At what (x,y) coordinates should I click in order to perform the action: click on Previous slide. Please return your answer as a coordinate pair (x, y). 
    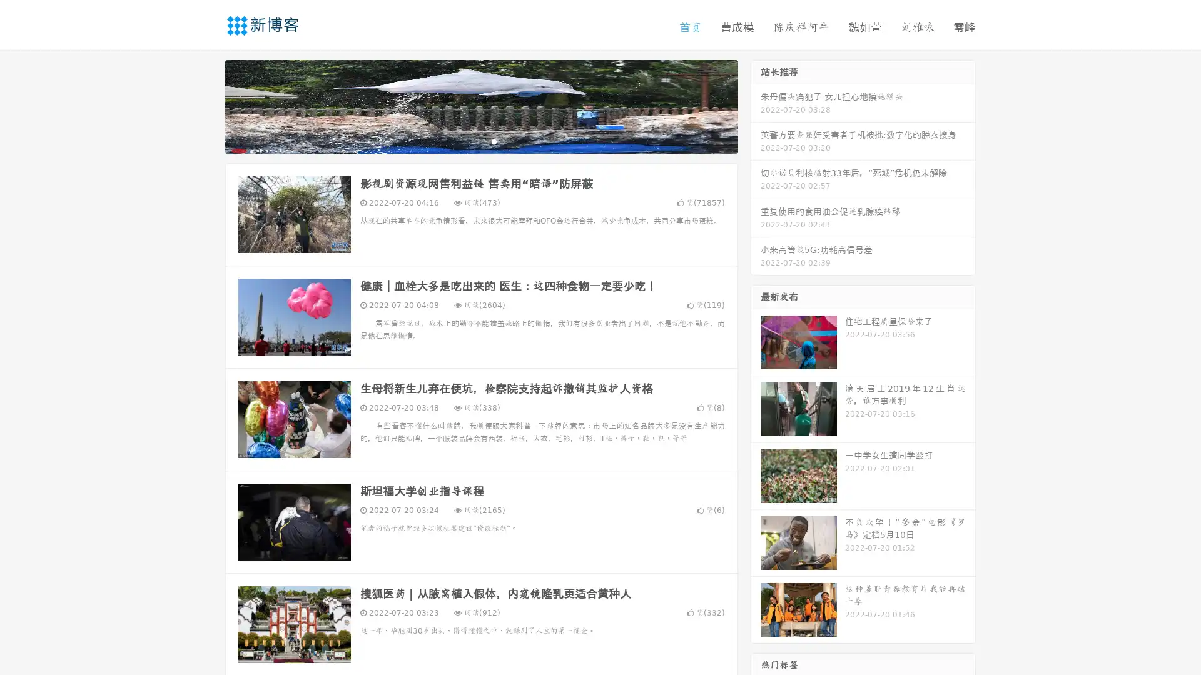
    Looking at the image, I should click on (206, 105).